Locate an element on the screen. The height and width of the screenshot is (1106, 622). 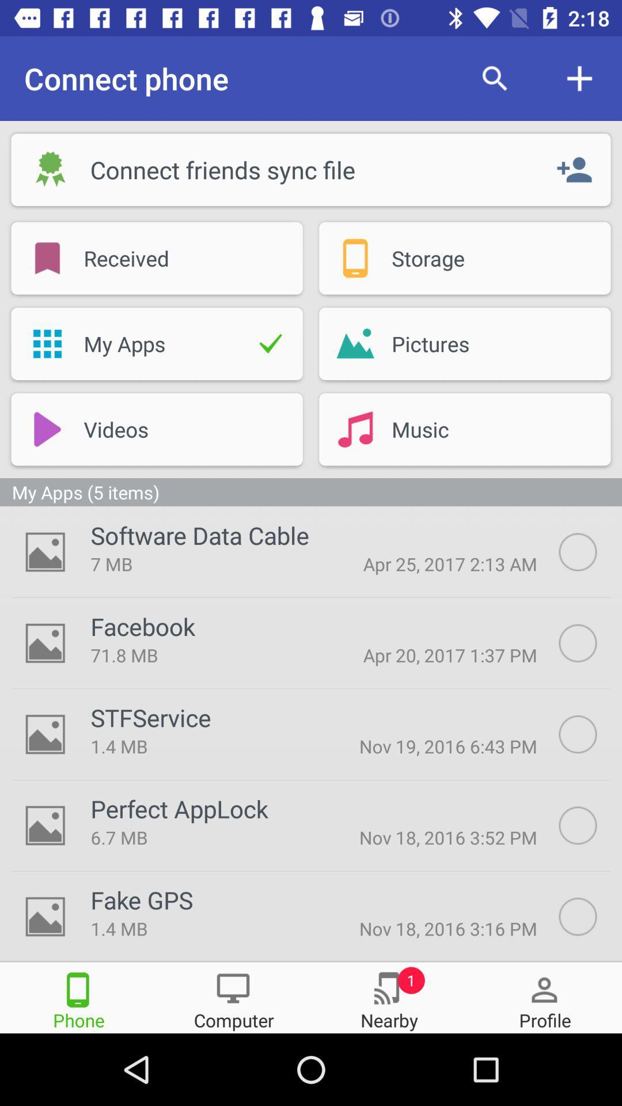
autosync option is located at coordinates (590, 642).